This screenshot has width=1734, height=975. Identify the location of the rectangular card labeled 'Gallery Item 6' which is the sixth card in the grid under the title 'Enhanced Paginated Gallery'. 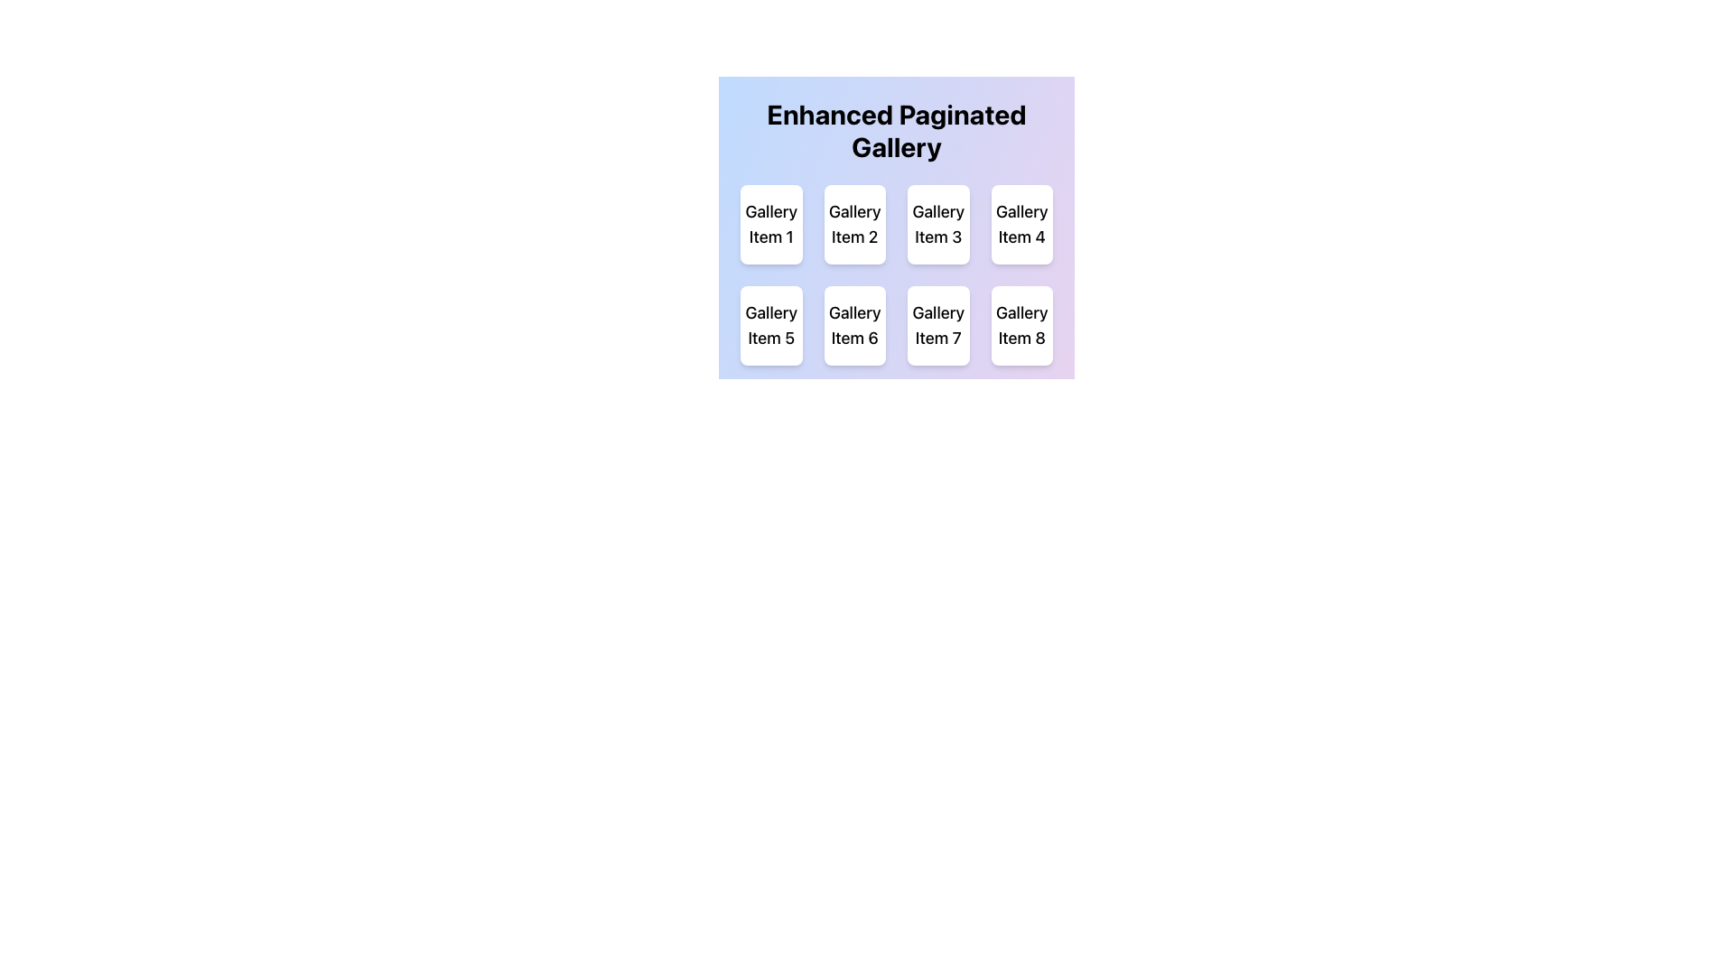
(853, 326).